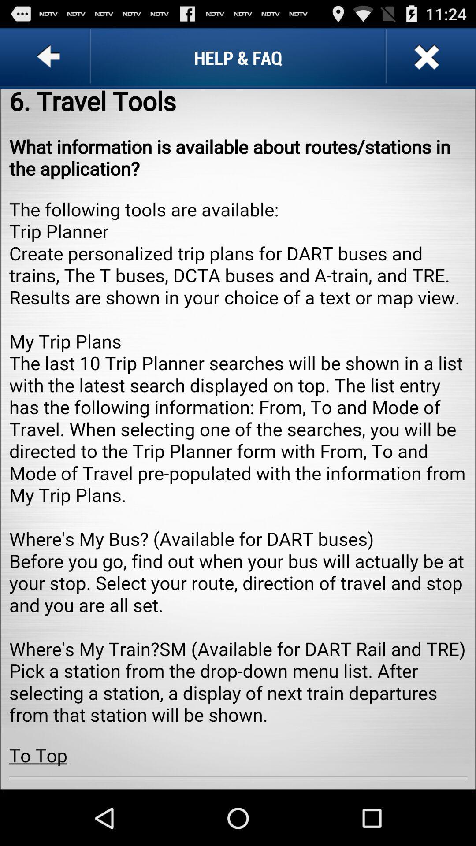  What do you see at coordinates (425, 57) in the screenshot?
I see `the tab` at bounding box center [425, 57].